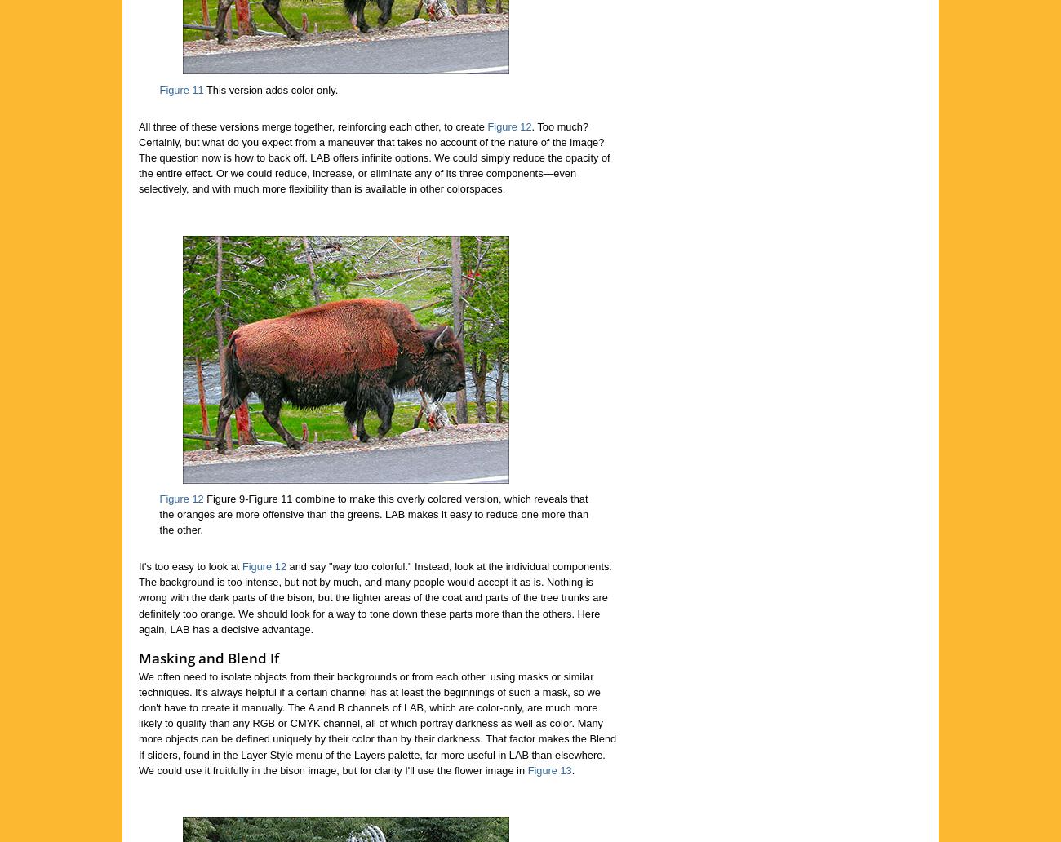  Describe the element at coordinates (572, 769) in the screenshot. I see `'.'` at that location.